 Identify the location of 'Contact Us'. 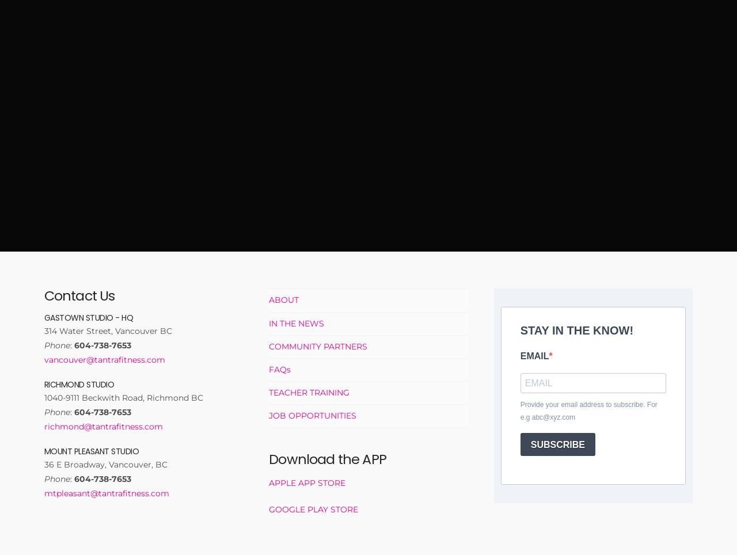
(78, 295).